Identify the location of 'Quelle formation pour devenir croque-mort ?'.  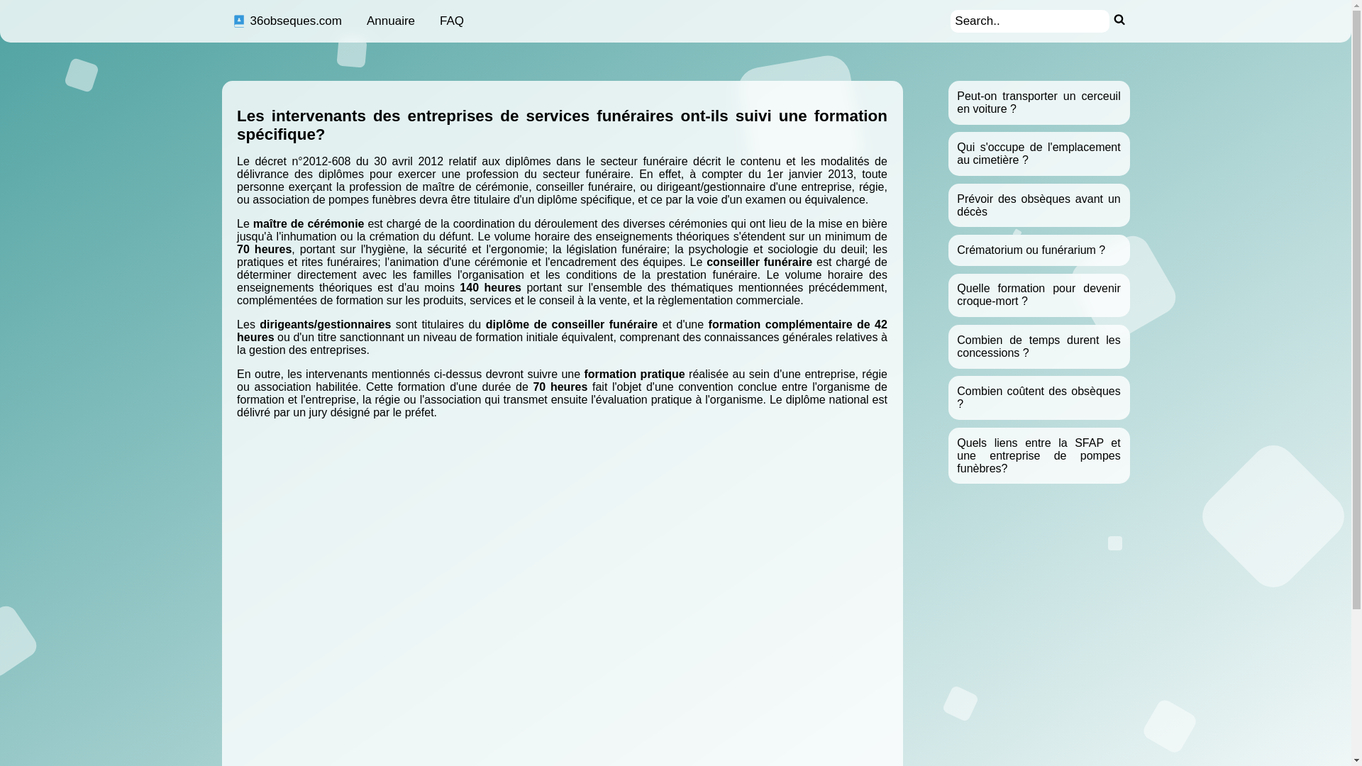
(1039, 294).